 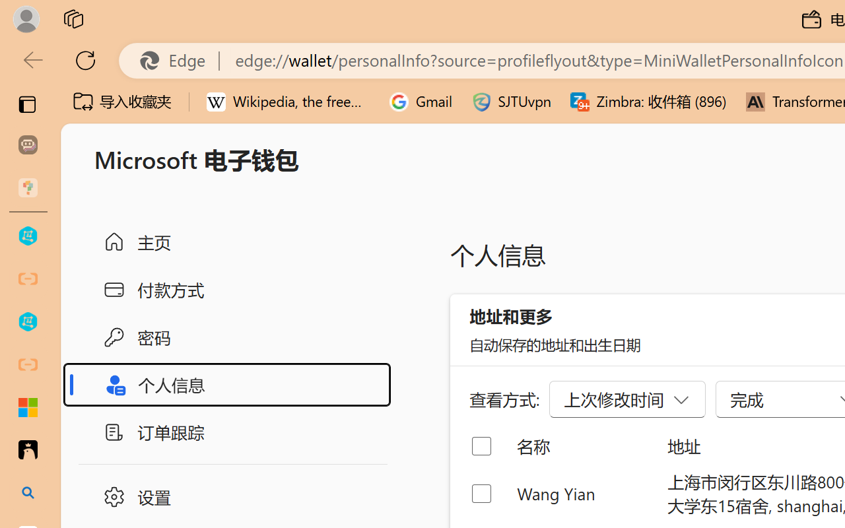 I want to click on 'wangyian_webcrawler - DSW', so click(x=28, y=322).